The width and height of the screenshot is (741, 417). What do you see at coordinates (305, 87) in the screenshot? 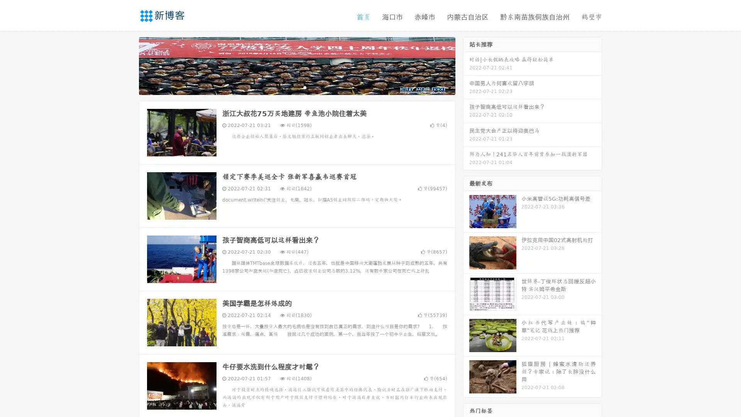
I see `Go to slide 3` at bounding box center [305, 87].